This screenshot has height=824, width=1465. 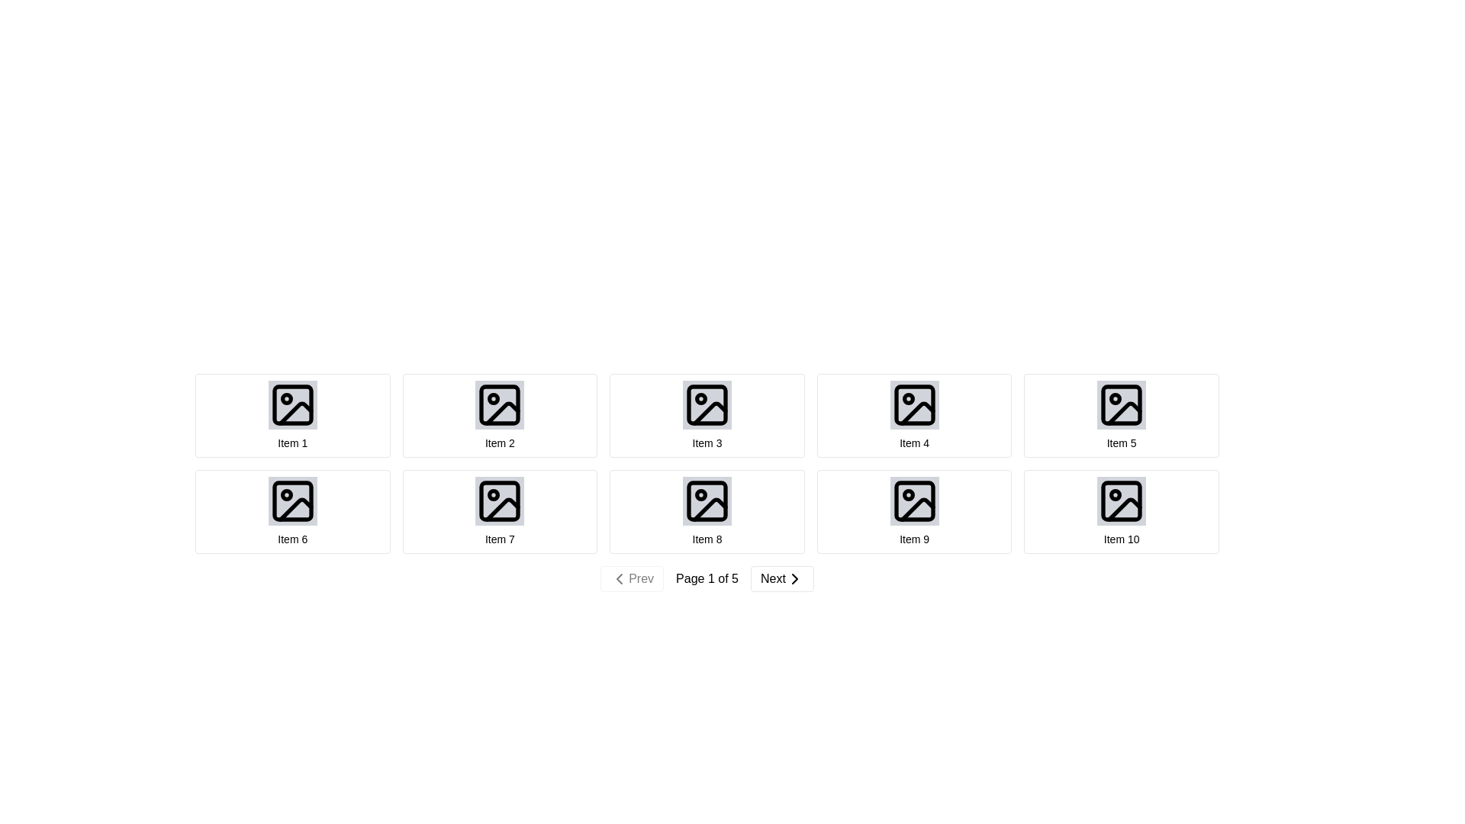 I want to click on the small circular Decorative graphic located within the top-left corner of the image frame icon in the grid layout, so click(x=286, y=398).